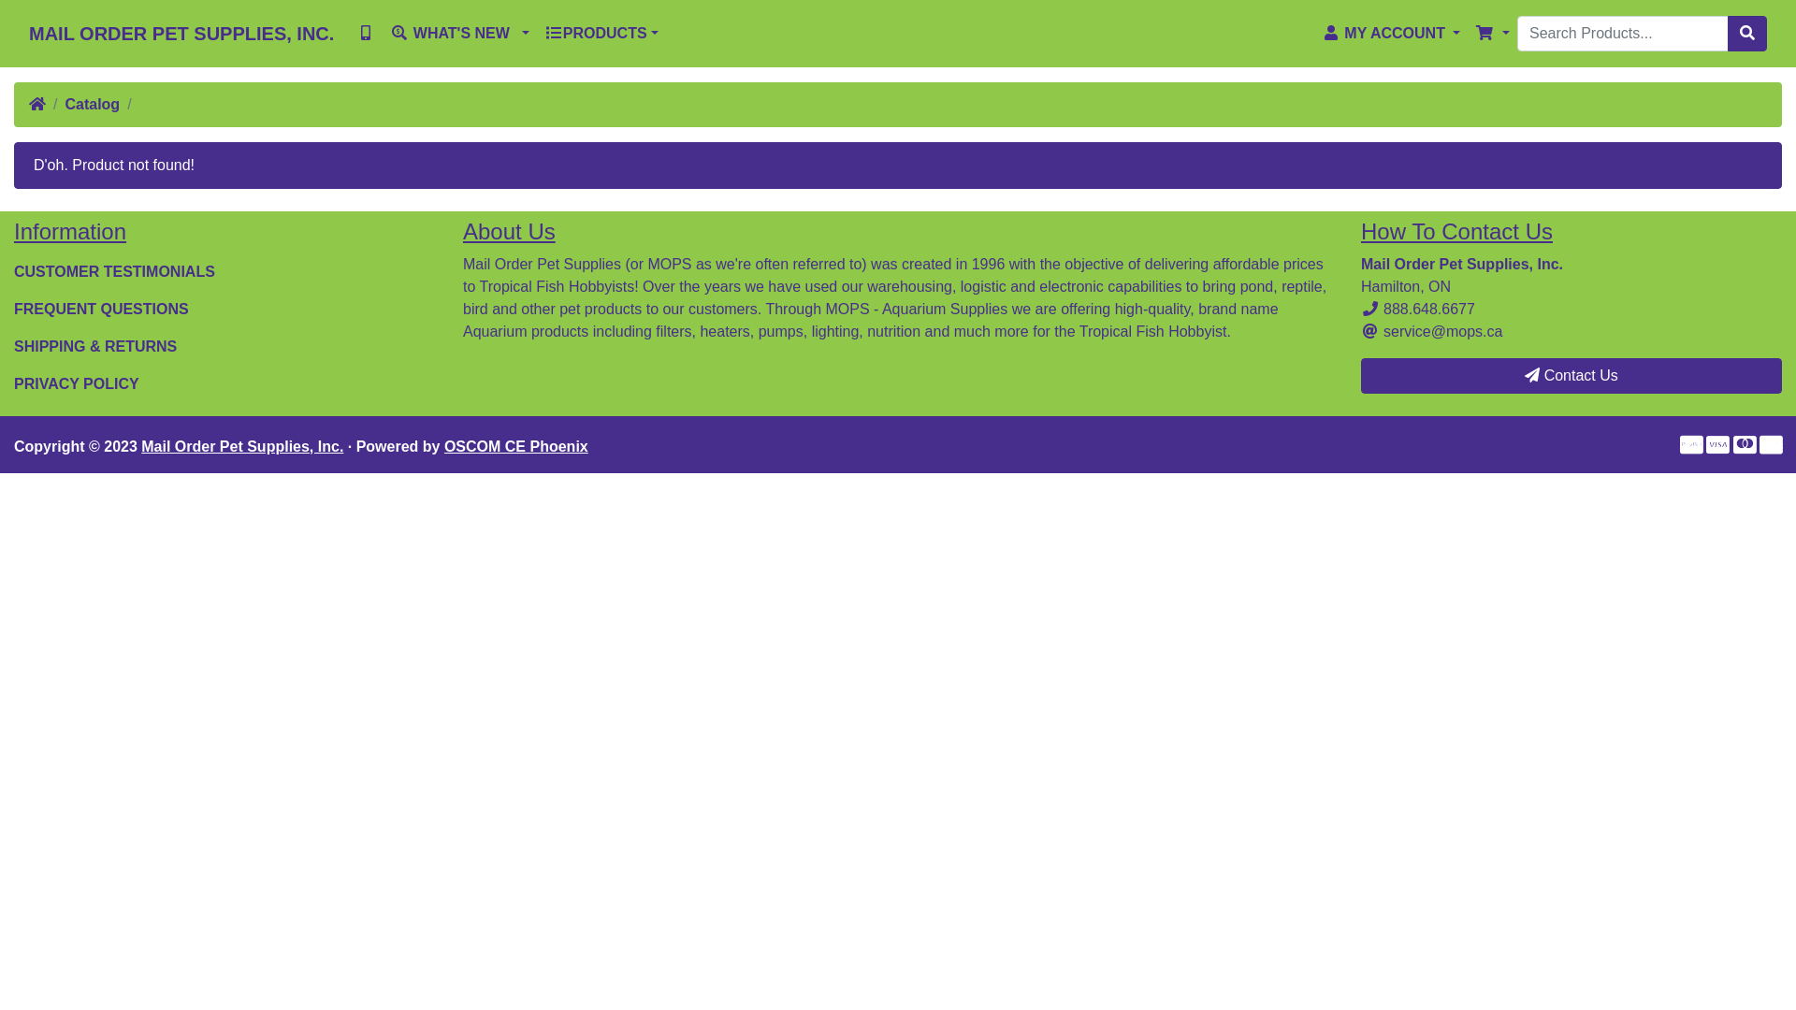  Describe the element at coordinates (13, 383) in the screenshot. I see `'PRIVACY POLICY'` at that location.